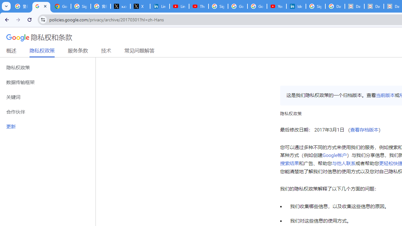  Describe the element at coordinates (160, 6) in the screenshot. I see `'LinkedIn Privacy Policy'` at that location.